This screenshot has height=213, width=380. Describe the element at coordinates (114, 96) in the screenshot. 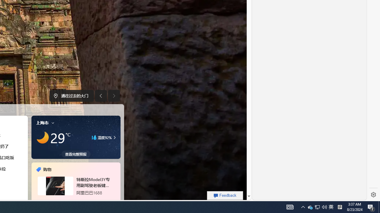

I see `'Next image'` at that location.